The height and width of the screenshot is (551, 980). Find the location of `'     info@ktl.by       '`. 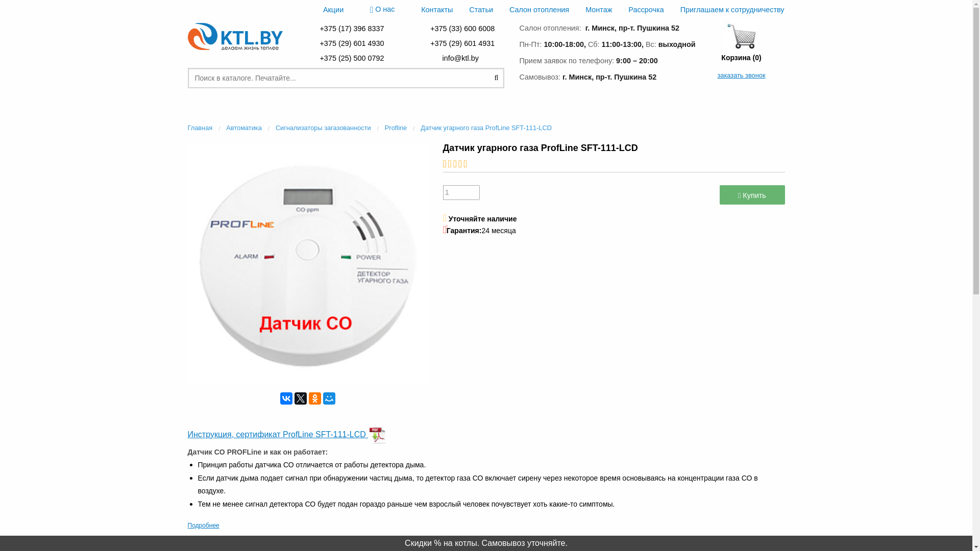

'     info@ktl.by       ' is located at coordinates (461, 58).